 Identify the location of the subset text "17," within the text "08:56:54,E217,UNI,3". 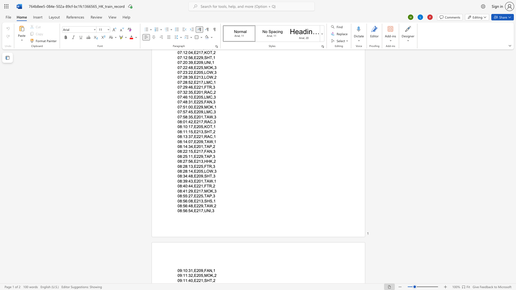
(198, 211).